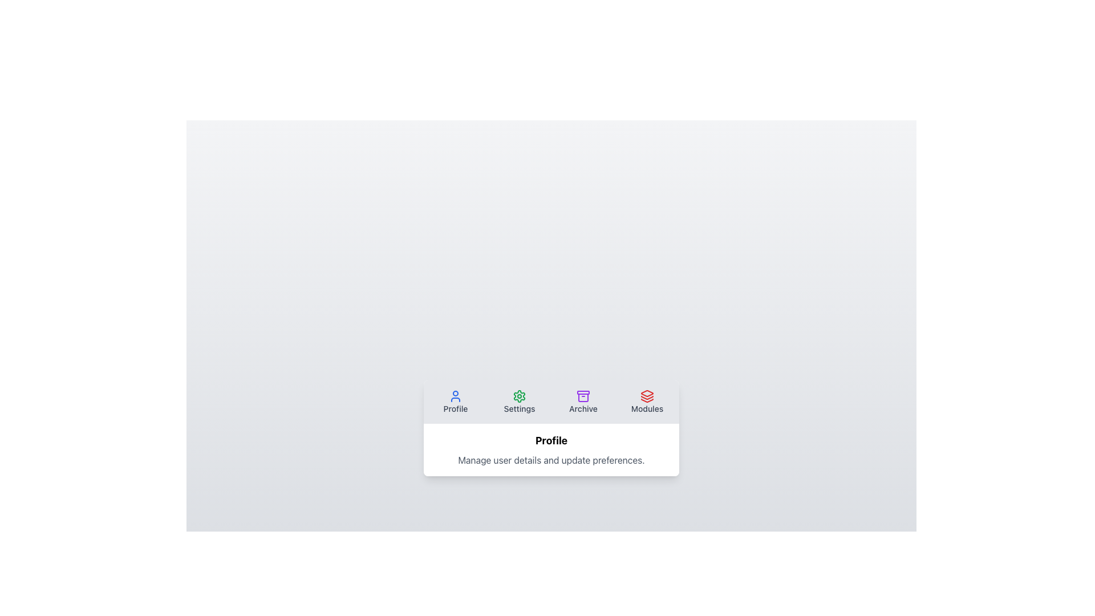 This screenshot has width=1095, height=616. Describe the element at coordinates (519, 395) in the screenshot. I see `the gear icon with green outlines, located in the second icon group of the horizontal navigation bar` at that location.